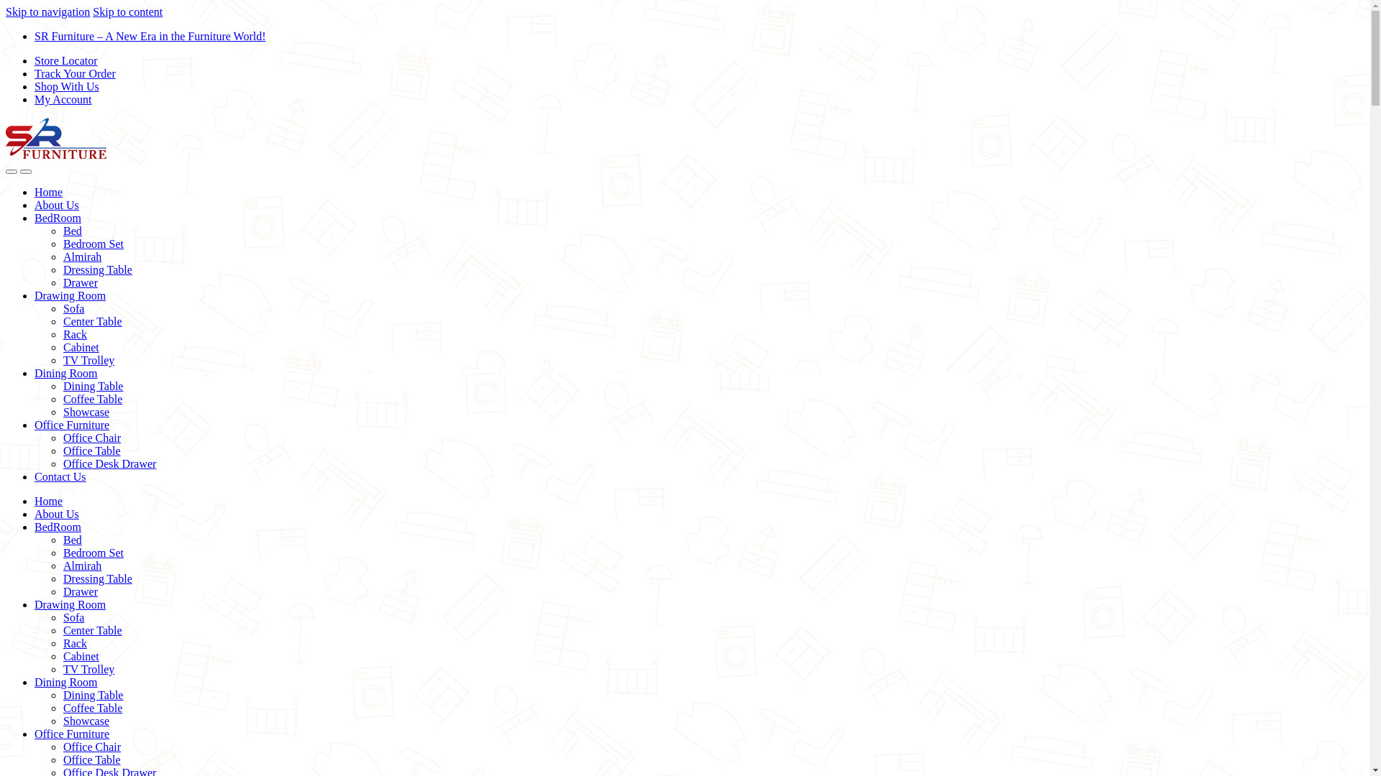  I want to click on 'Skip to navigation', so click(47, 11).